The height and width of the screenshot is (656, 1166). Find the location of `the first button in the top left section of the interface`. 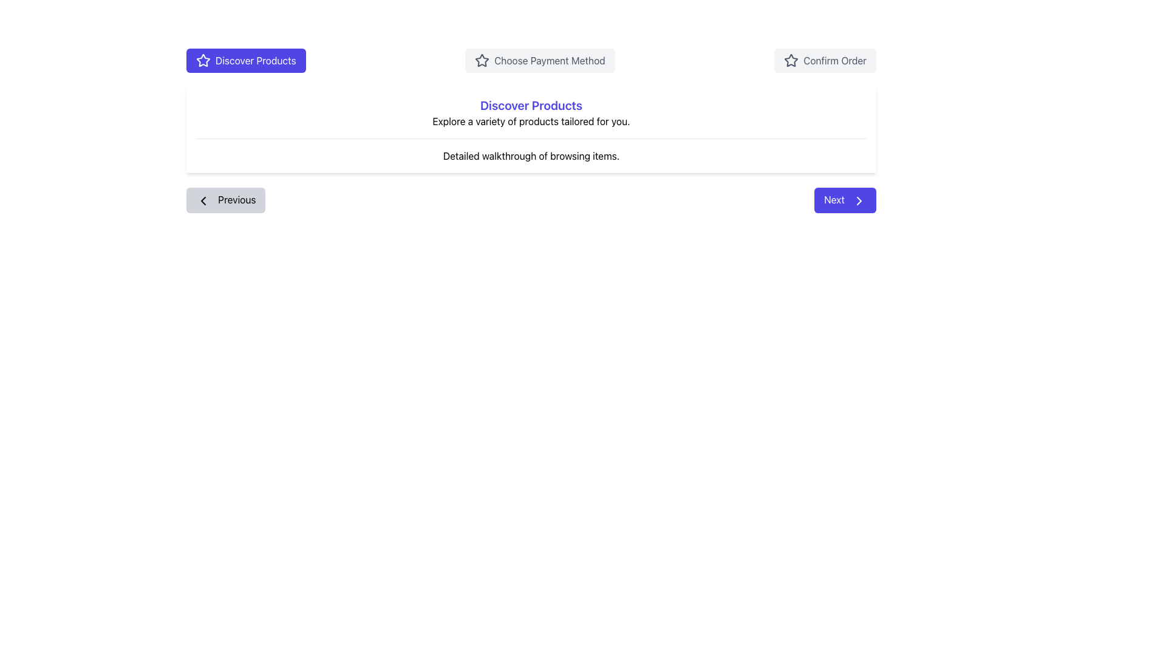

the first button in the top left section of the interface is located at coordinates (245, 61).